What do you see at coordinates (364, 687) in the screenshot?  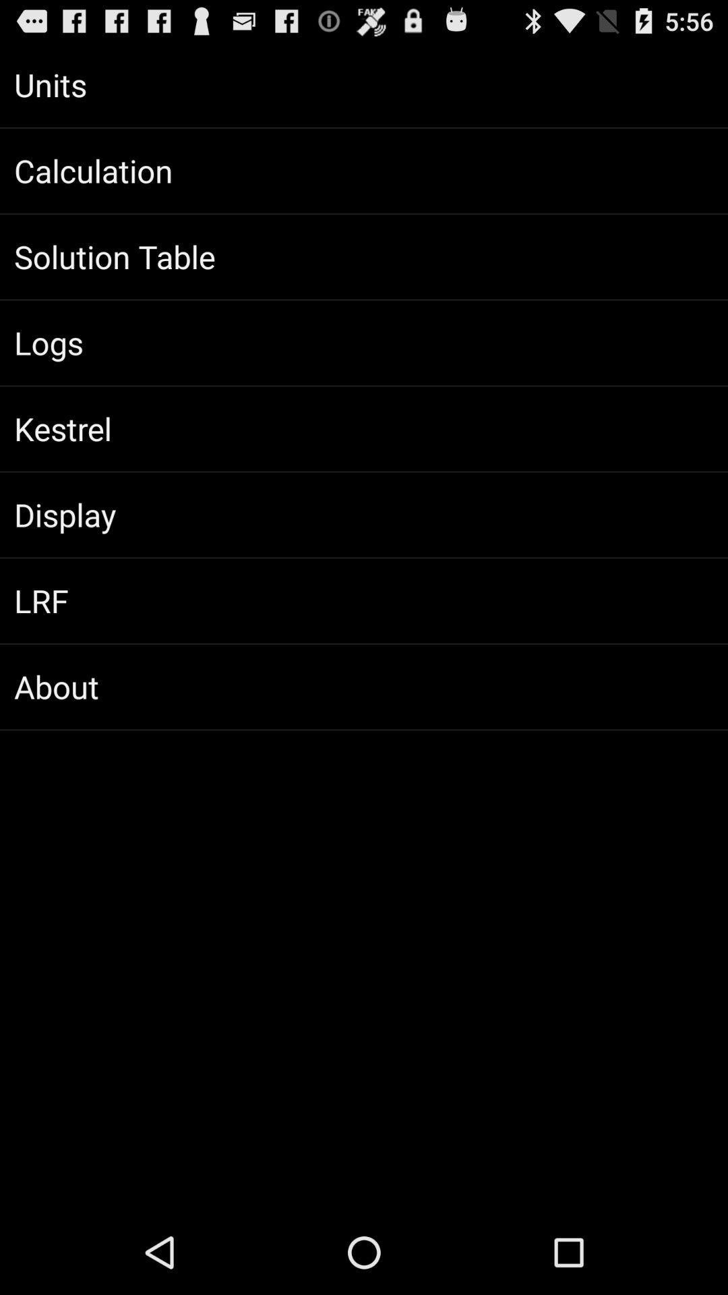 I see `the about` at bounding box center [364, 687].